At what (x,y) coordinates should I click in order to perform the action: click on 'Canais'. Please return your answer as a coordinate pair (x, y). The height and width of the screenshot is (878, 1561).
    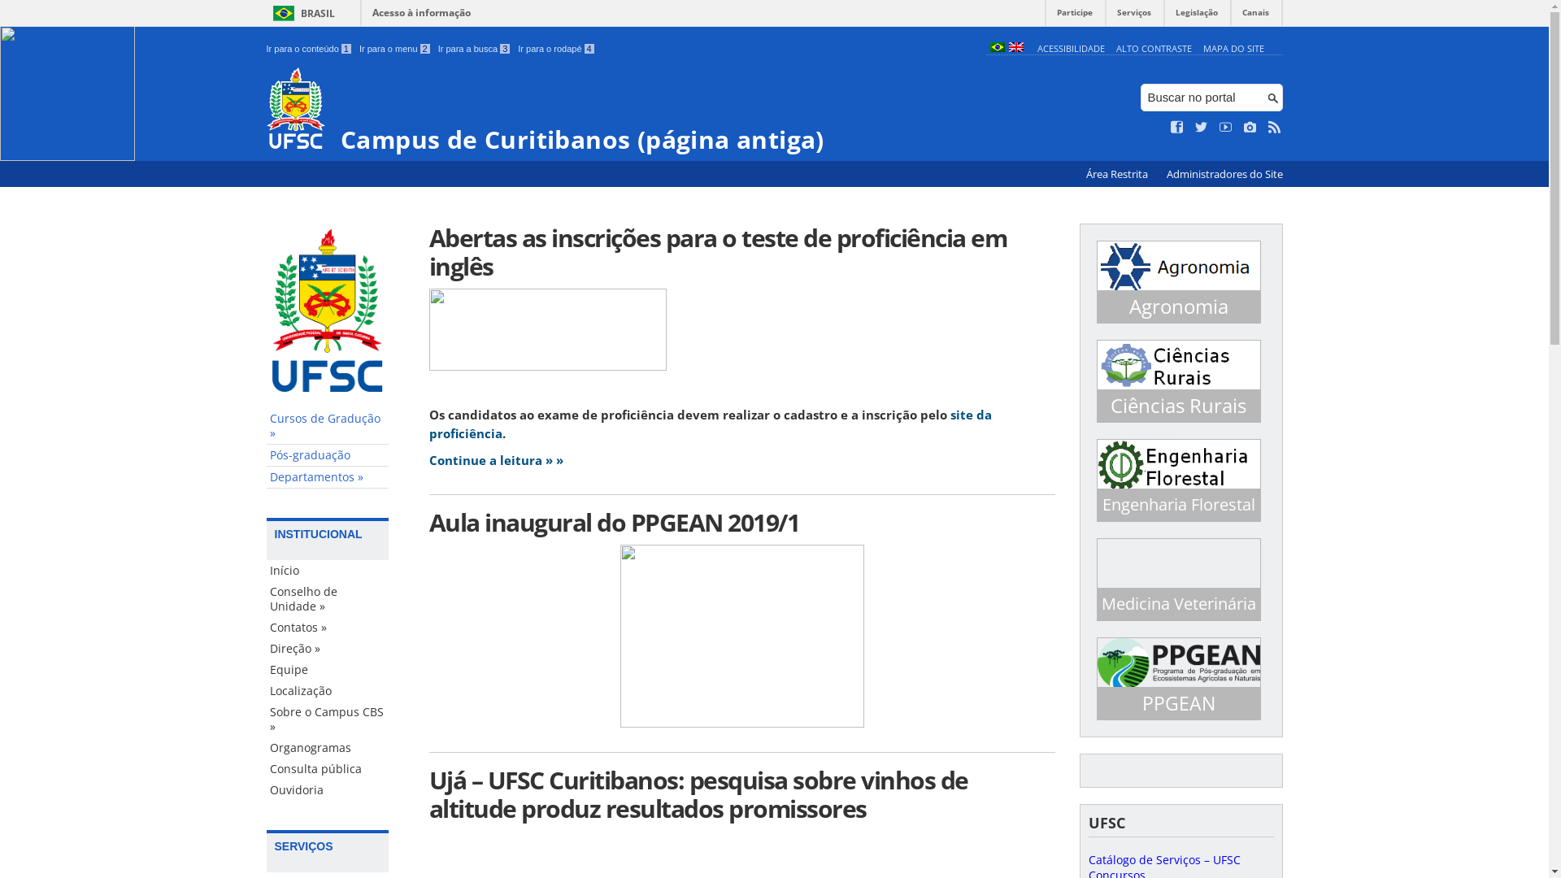
    Looking at the image, I should click on (1254, 16).